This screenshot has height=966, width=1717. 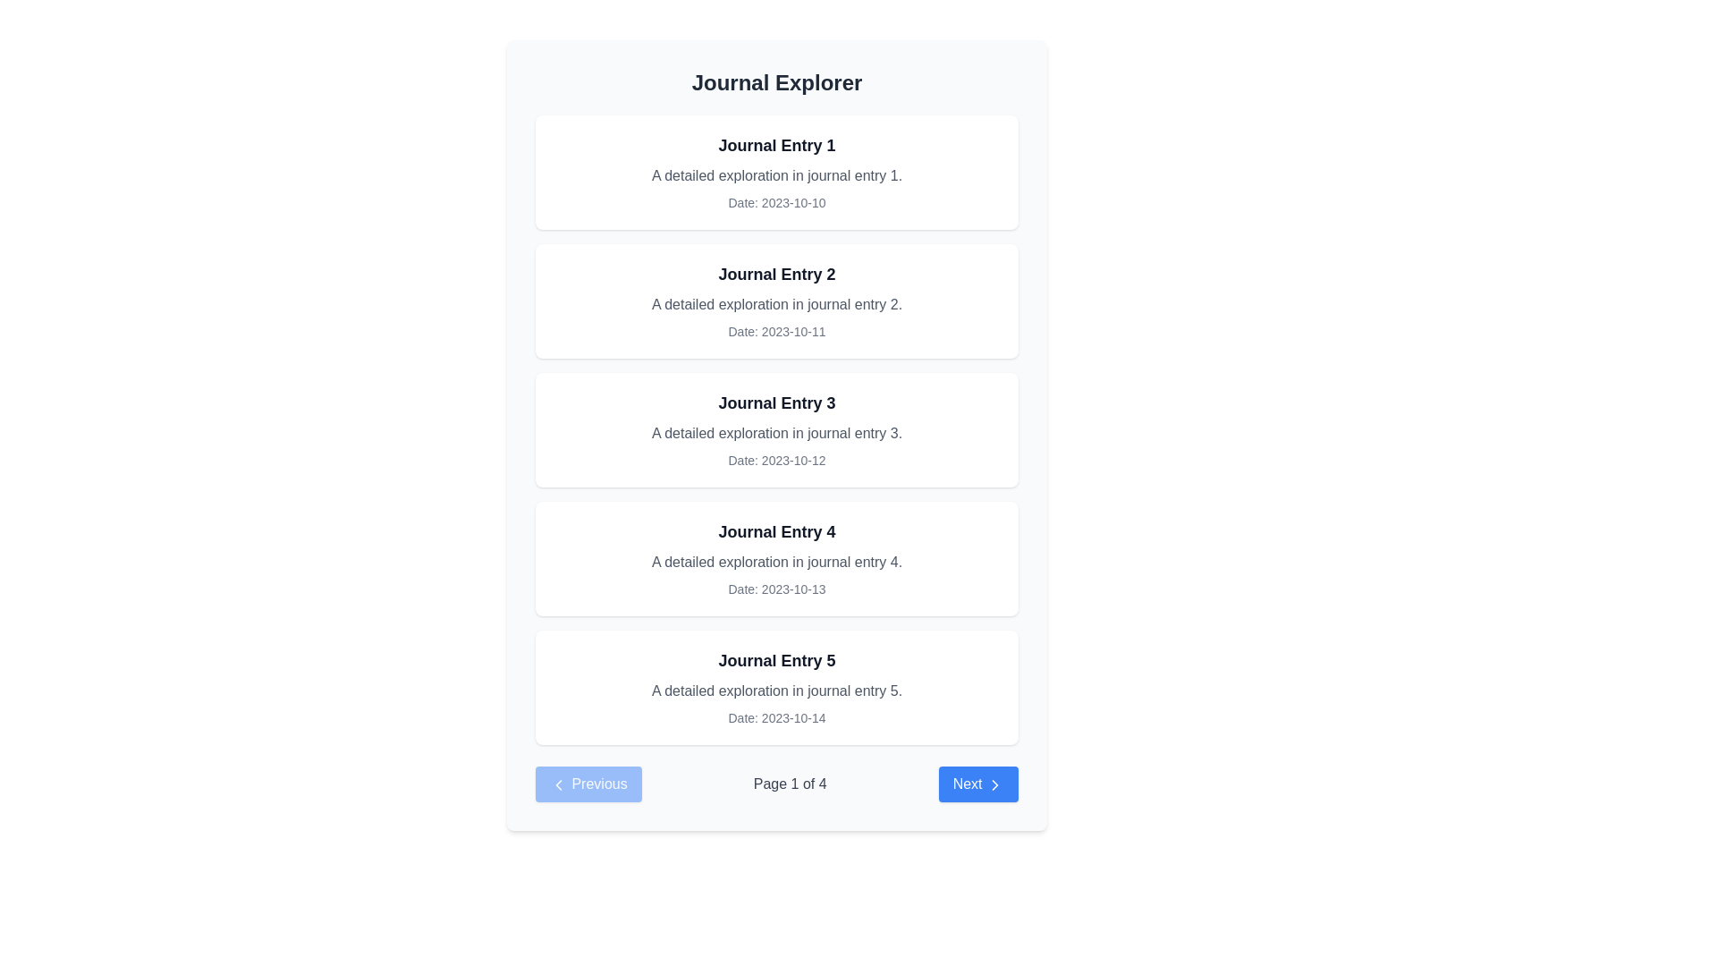 I want to click on title of the journal entry labeled as 'Journal Entry 2', which is positioned at the top of its card in a vertical list of entries, so click(x=776, y=275).